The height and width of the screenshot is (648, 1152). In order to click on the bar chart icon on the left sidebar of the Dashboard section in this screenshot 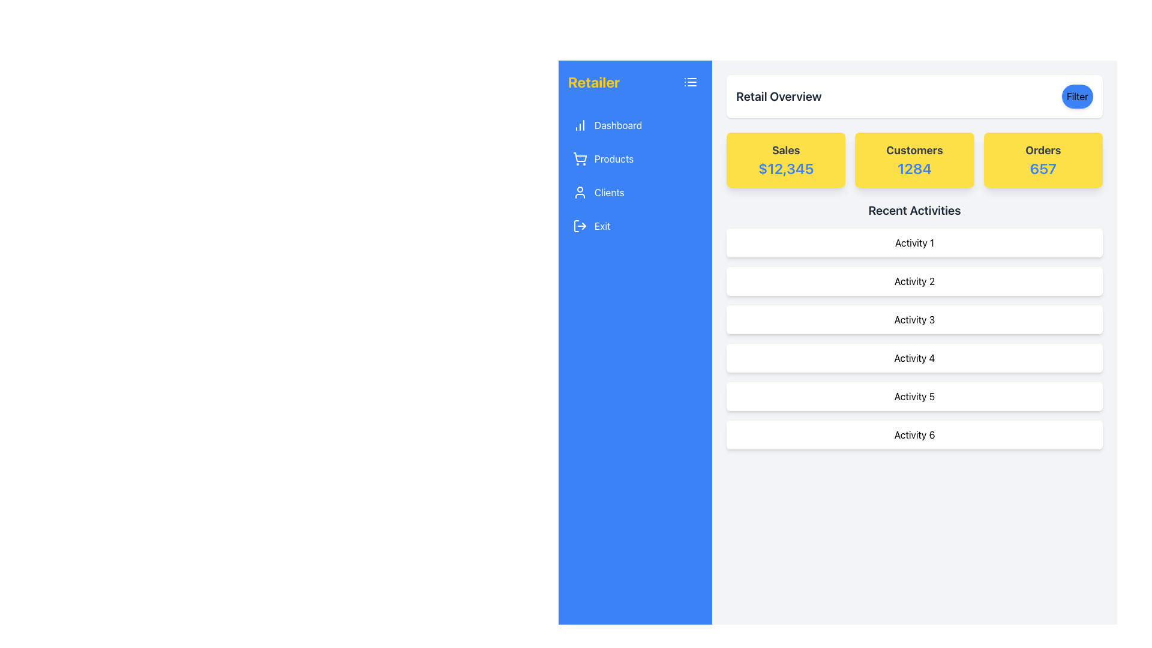, I will do `click(580, 125)`.